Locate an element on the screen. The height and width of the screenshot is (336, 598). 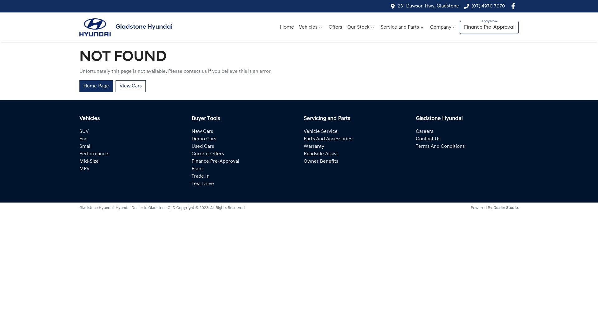
'Warranty' is located at coordinates (314, 146).